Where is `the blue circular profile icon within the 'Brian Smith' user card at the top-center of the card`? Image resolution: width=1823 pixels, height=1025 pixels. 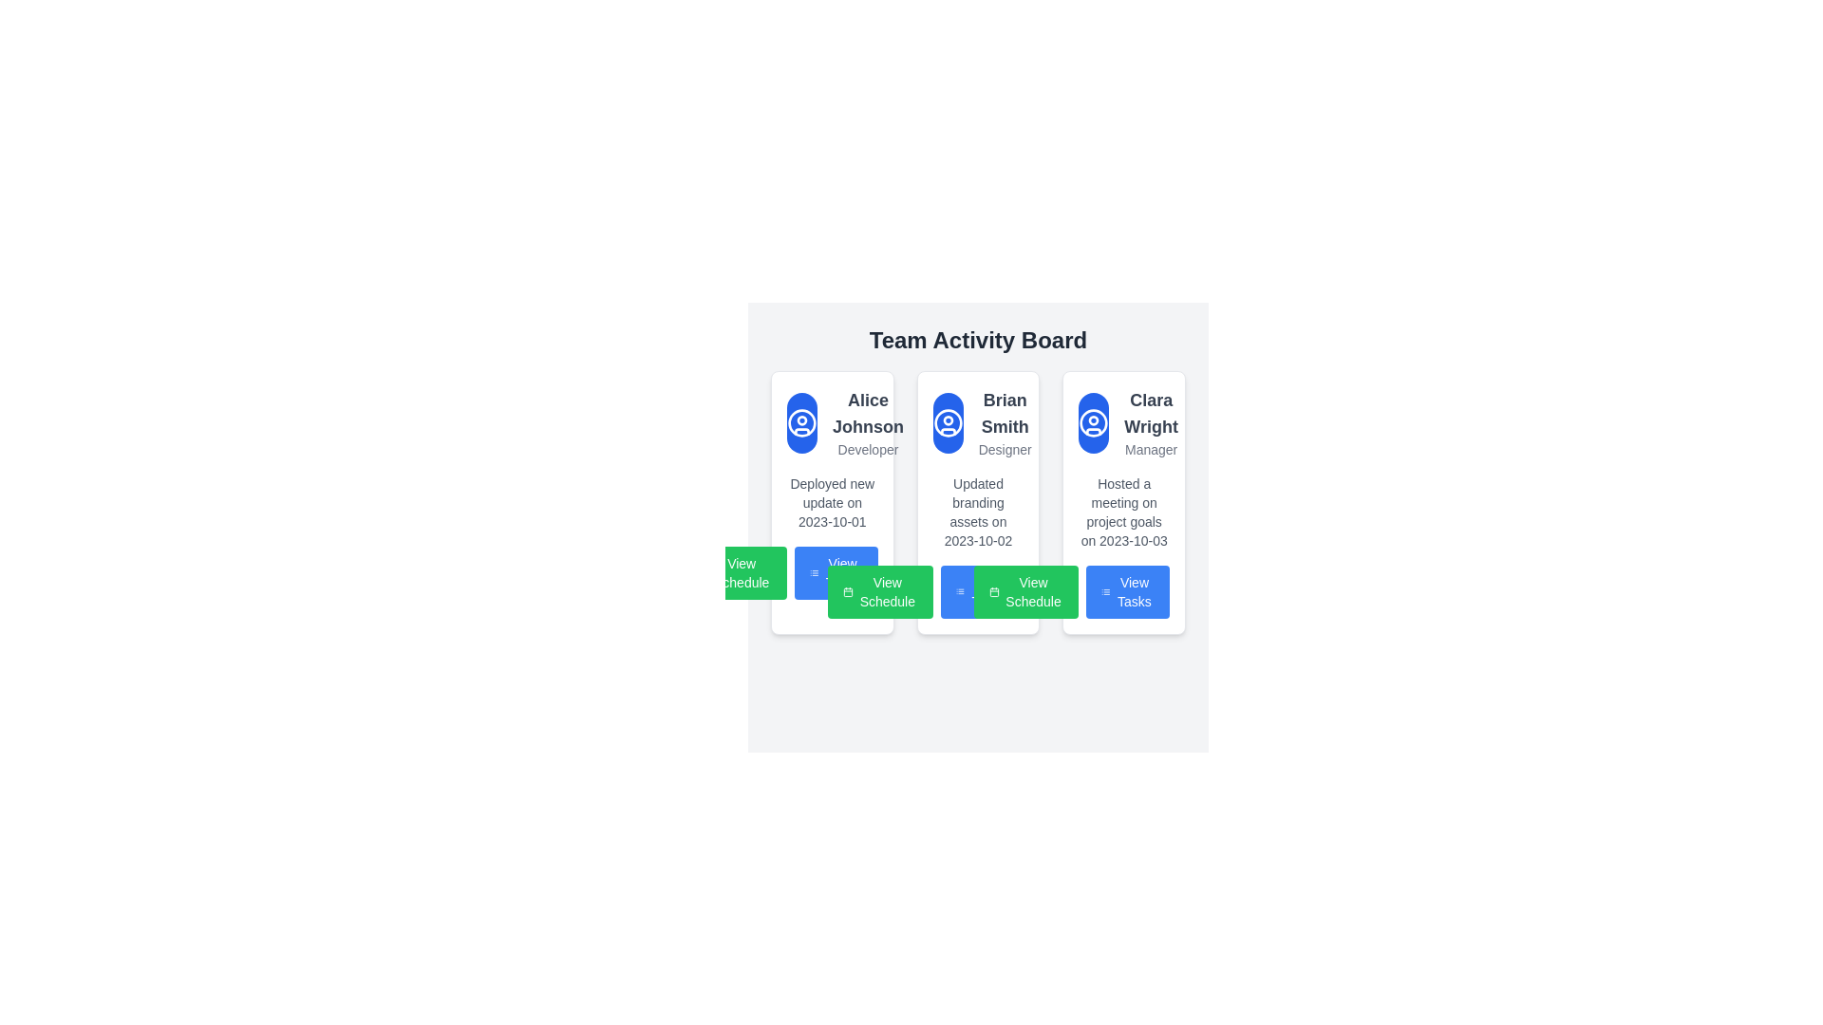
the blue circular profile icon within the 'Brian Smith' user card at the top-center of the card is located at coordinates (1094, 422).